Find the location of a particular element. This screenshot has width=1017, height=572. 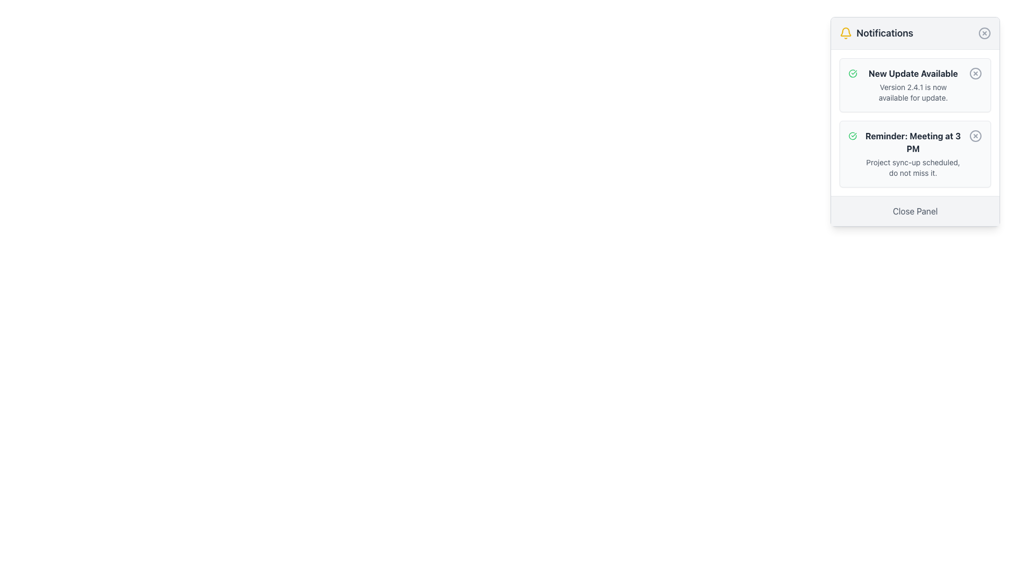

the static text element that serves as the title for the first notification card in the 'Notifications' panel, above the update message 'Version 2.4.1 is now available for update.' is located at coordinates (913, 73).